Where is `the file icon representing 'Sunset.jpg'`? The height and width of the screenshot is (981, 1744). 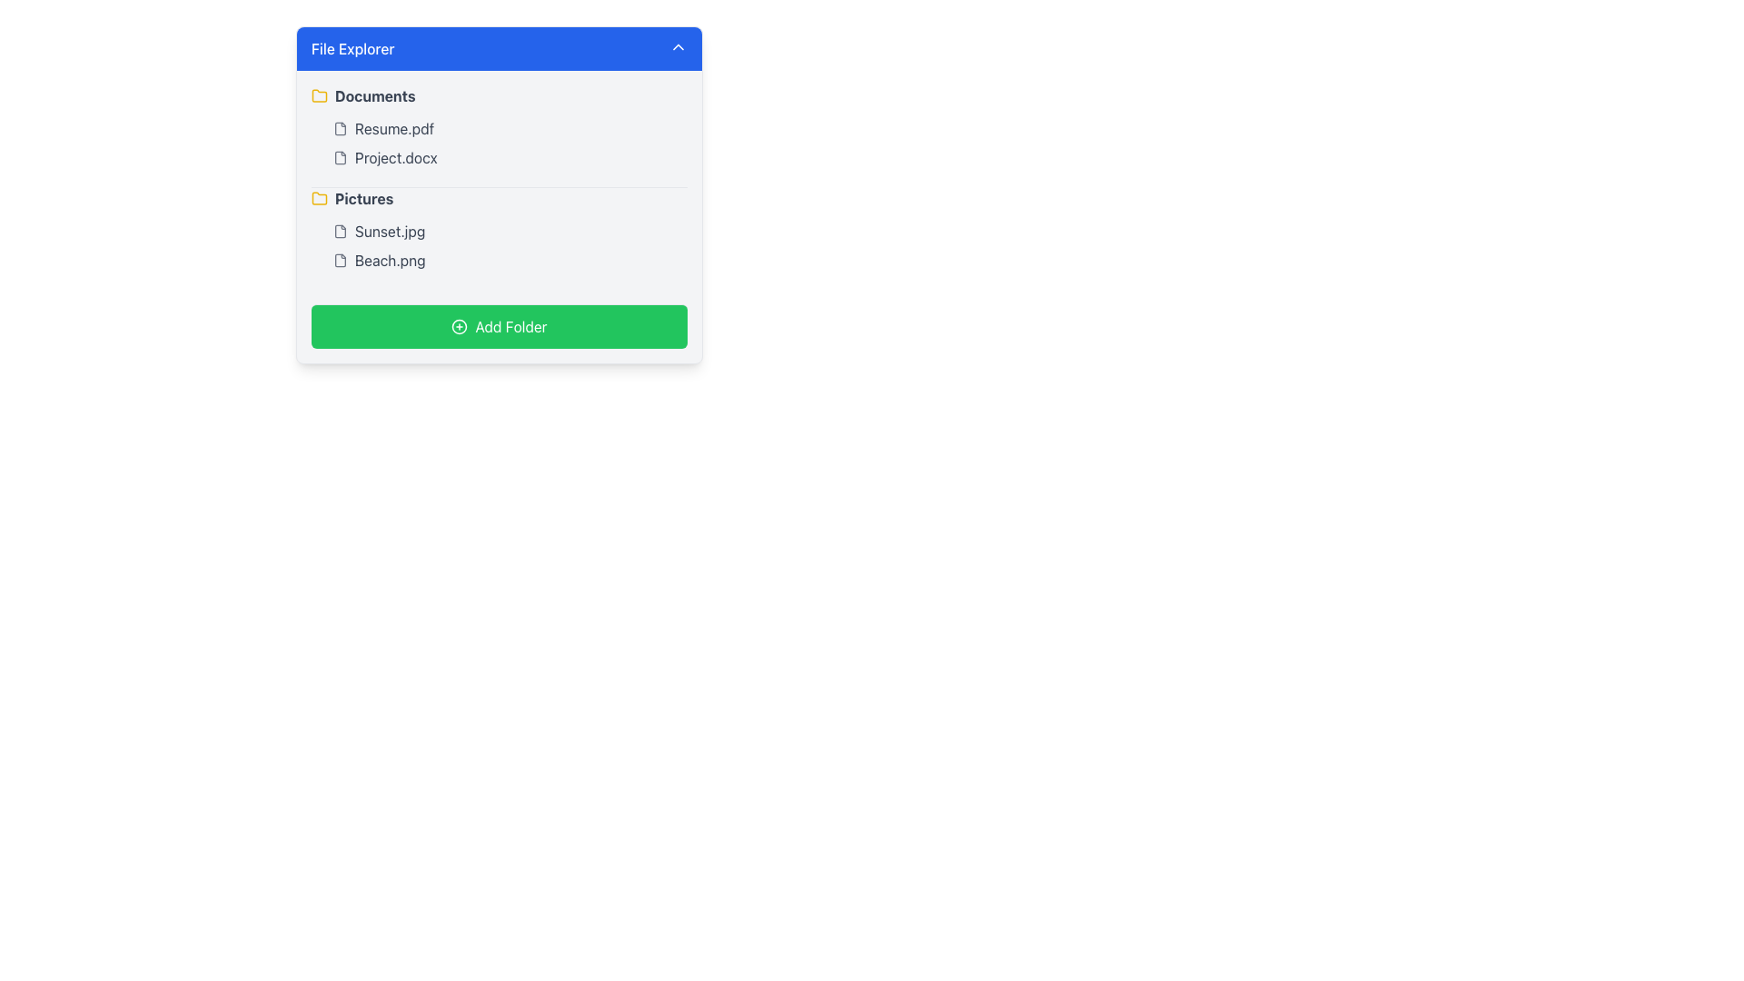
the file icon representing 'Sunset.jpg' is located at coordinates (340, 230).